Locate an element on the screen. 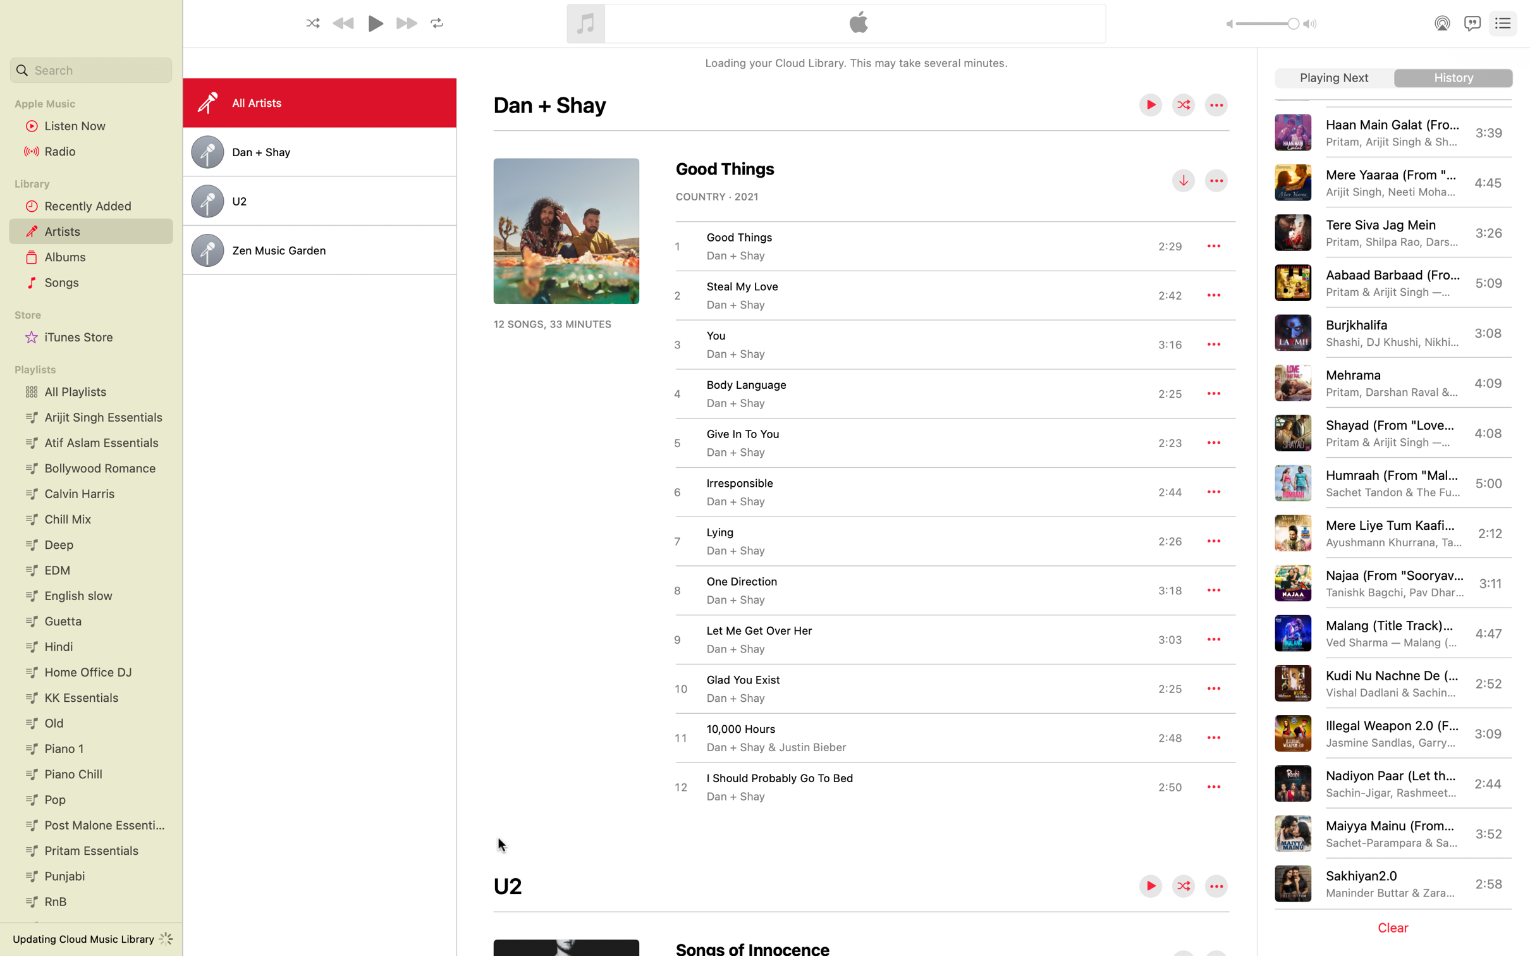 The image size is (1530, 956). Empty the playlist queue is located at coordinates (1396, 928).